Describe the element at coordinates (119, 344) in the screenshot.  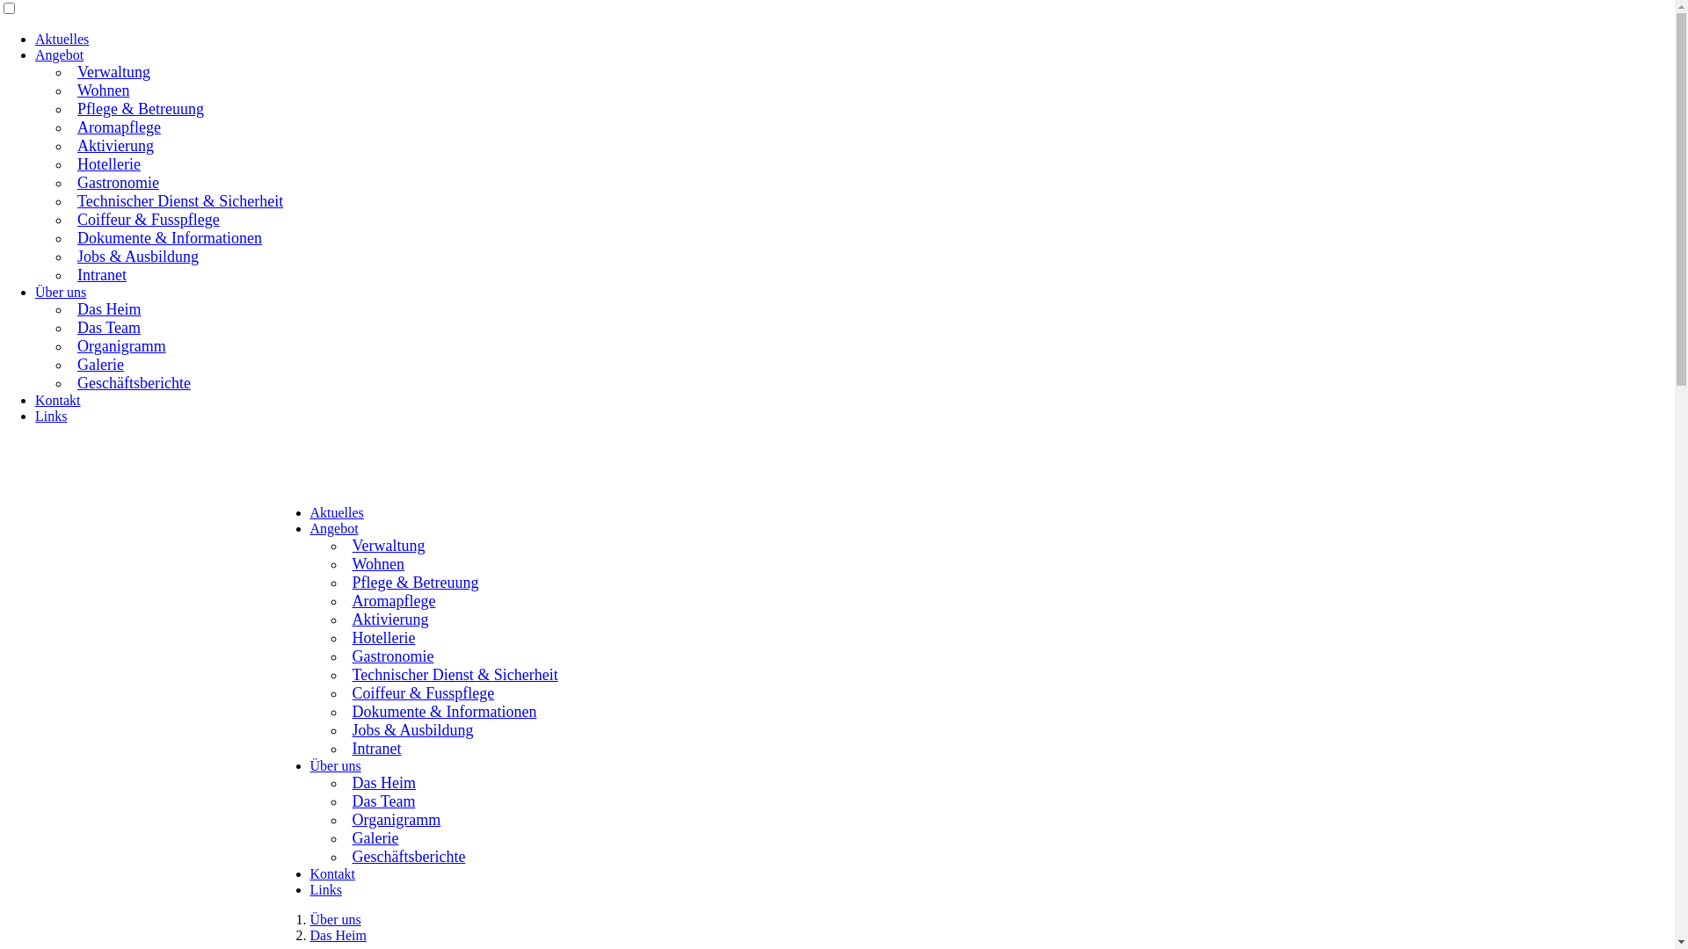
I see `'Organigramm'` at that location.